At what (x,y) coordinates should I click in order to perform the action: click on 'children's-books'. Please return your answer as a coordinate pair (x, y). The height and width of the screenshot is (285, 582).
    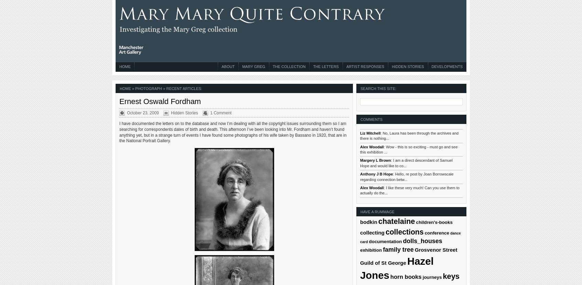
    Looking at the image, I should click on (434, 221).